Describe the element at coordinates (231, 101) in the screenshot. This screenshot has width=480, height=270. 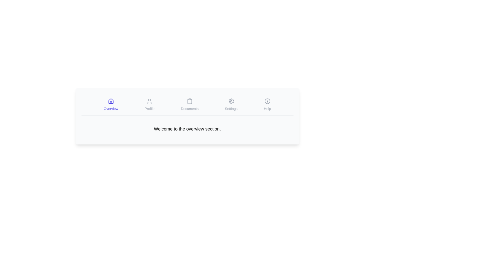
I see `the settings icon button located in the fourth position of the horizontal navigation menu` at that location.